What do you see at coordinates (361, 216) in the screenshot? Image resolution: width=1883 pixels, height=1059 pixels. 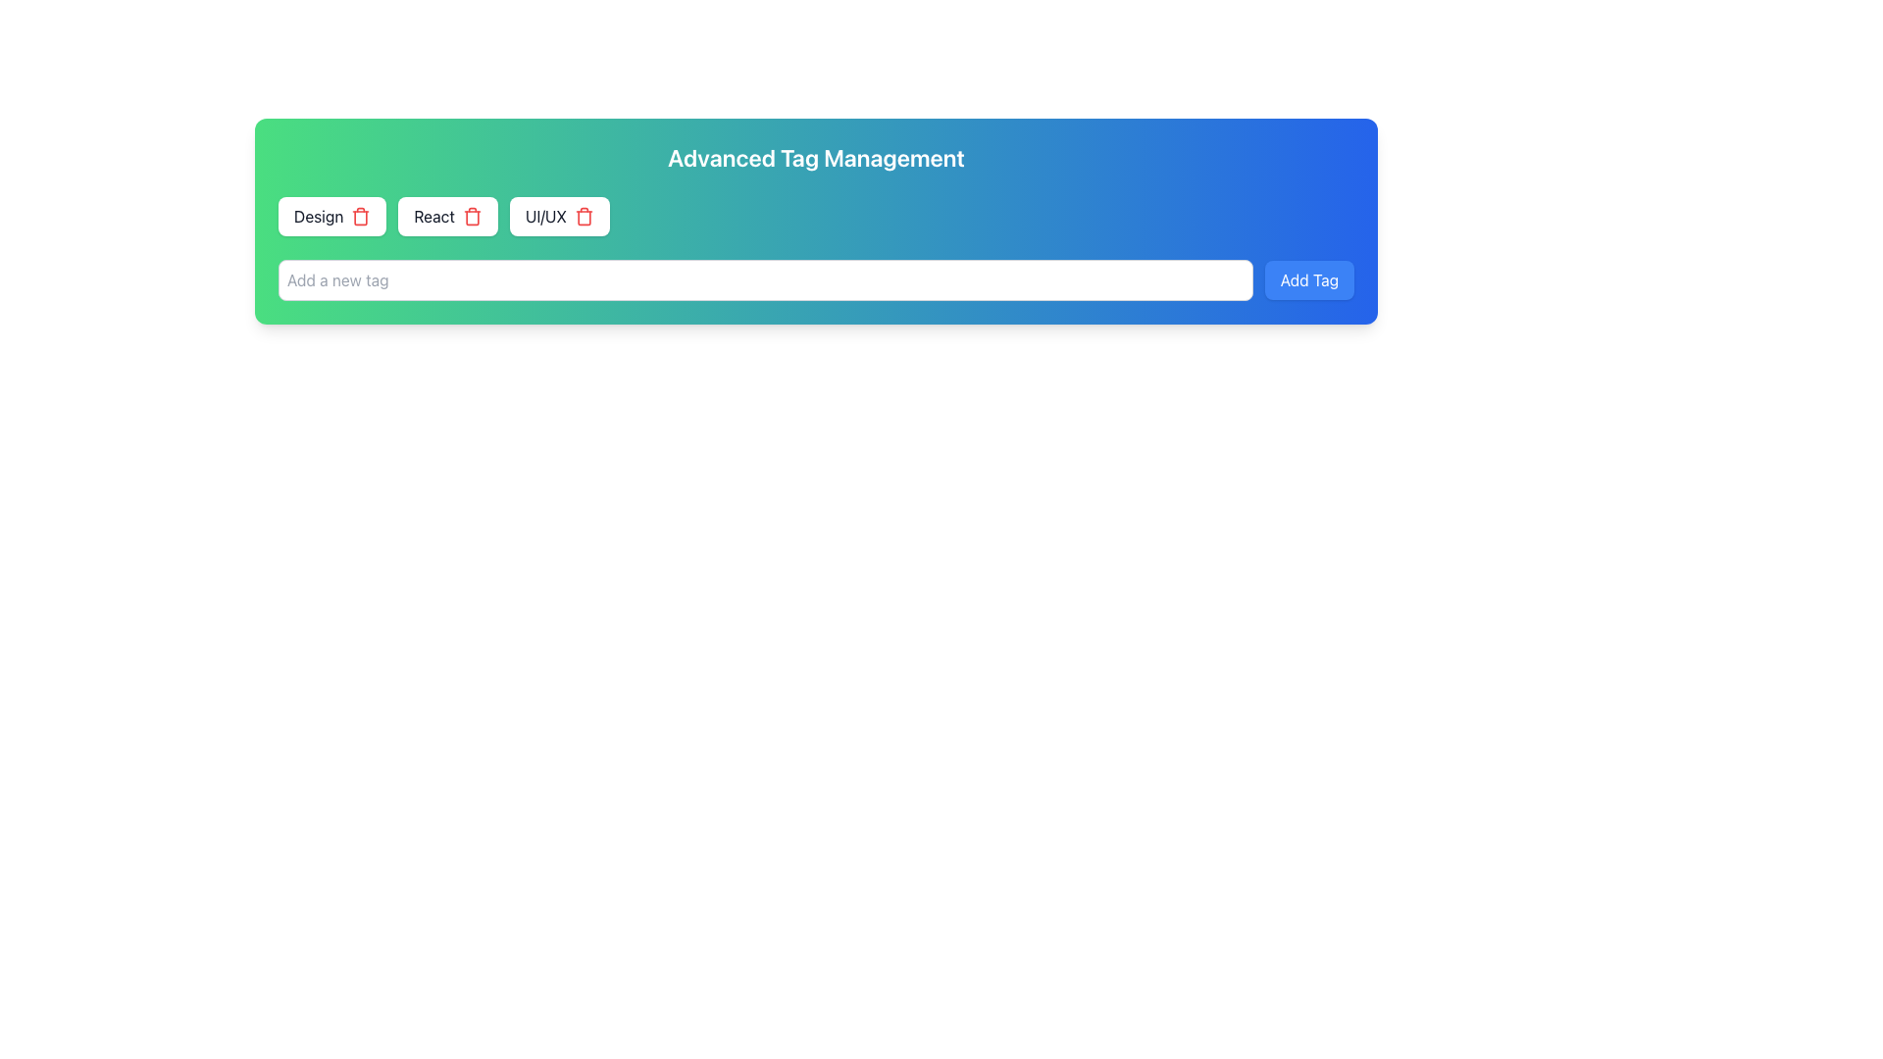 I see `the delete icon button located to the right of the 'Design' label` at bounding box center [361, 216].